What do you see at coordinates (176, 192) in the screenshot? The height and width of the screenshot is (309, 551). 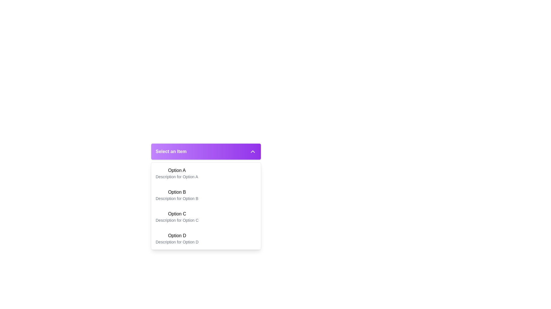 I see `the text label displaying 'Option B' in bold, located in the dropdown menu between 'Option A' and 'Description for Option B'` at bounding box center [176, 192].